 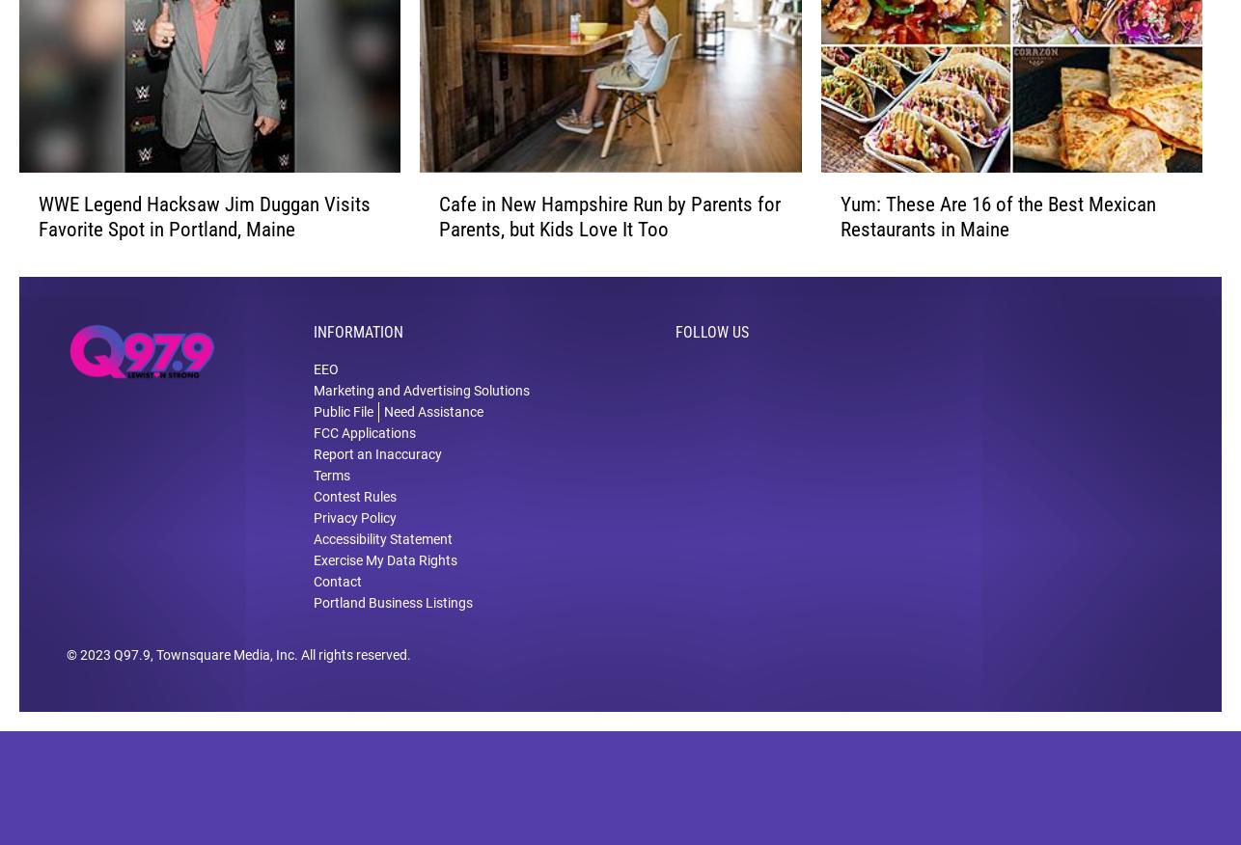 What do you see at coordinates (312, 589) in the screenshot?
I see `'Exercise My Data Rights'` at bounding box center [312, 589].